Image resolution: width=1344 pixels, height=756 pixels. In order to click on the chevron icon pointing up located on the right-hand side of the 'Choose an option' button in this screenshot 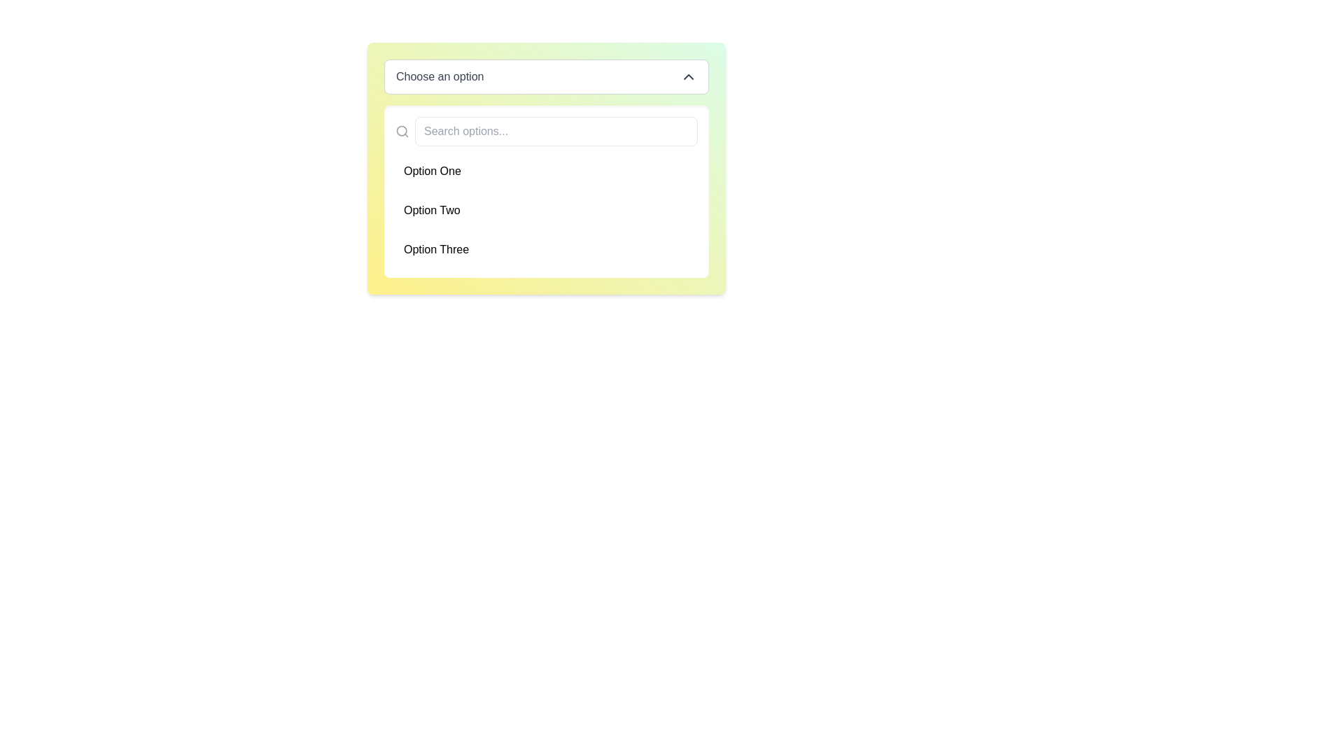, I will do `click(688, 77)`.